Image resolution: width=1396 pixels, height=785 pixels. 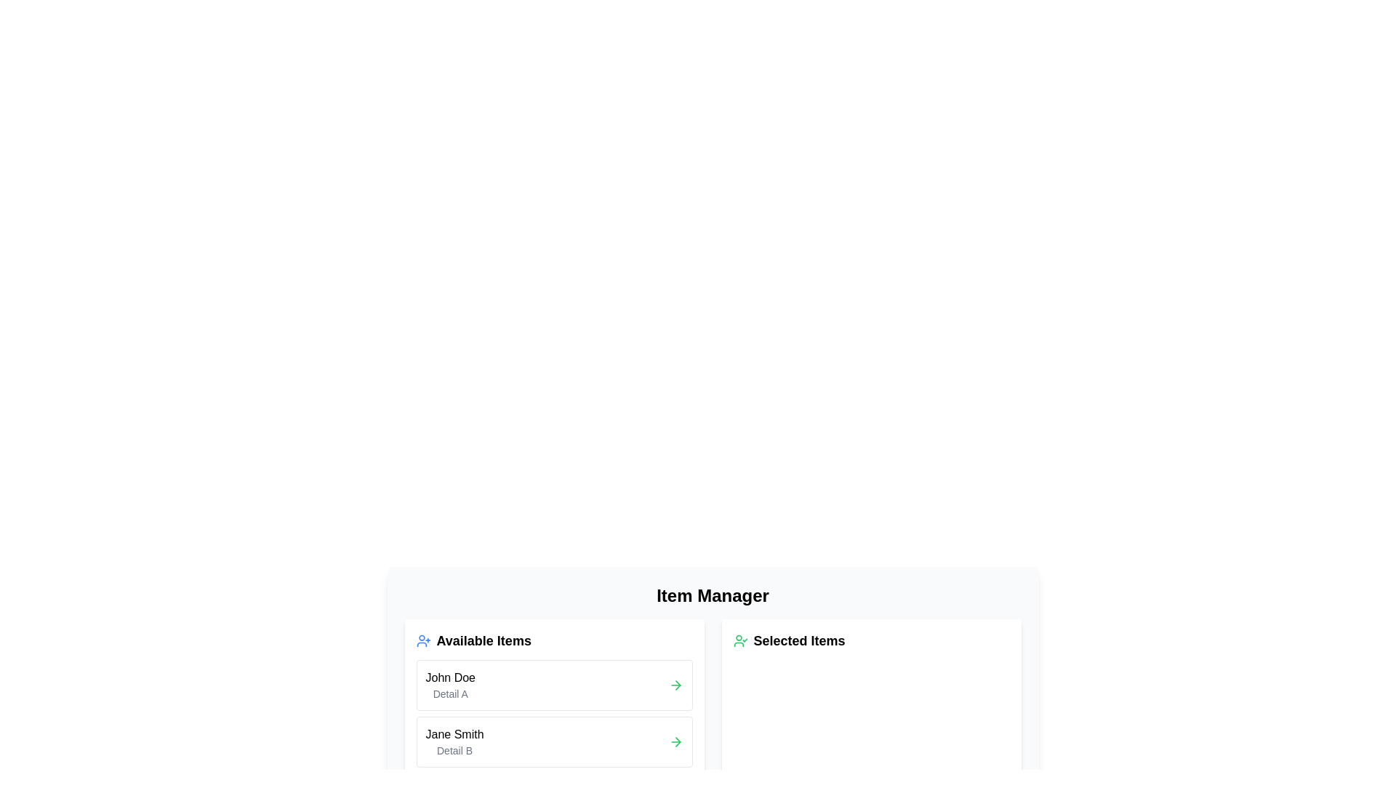 What do you see at coordinates (675, 742) in the screenshot?
I see `the right-arrow icon button with a green stroke located at the right end of 'Jane Smith Detail B' in the 'Available Items' panel under the 'Item Manager' title` at bounding box center [675, 742].